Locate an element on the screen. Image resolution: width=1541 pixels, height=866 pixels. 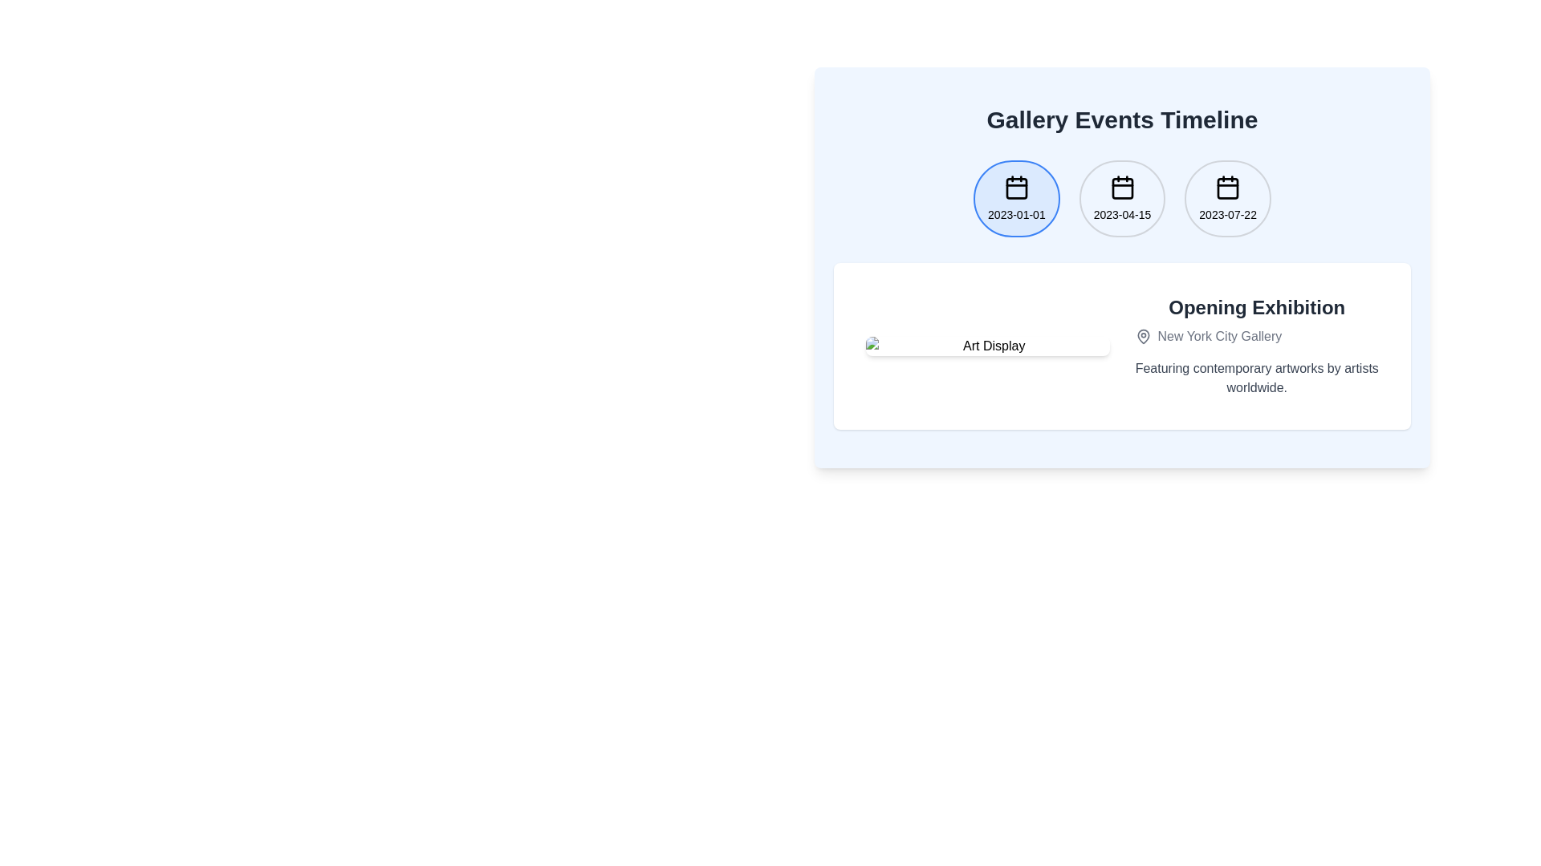
the calendar icon representing the date '2023-07-22', which is the third option in the horizontal list of date selectors under the 'Gallery Events Timeline' heading is located at coordinates (1227, 187).